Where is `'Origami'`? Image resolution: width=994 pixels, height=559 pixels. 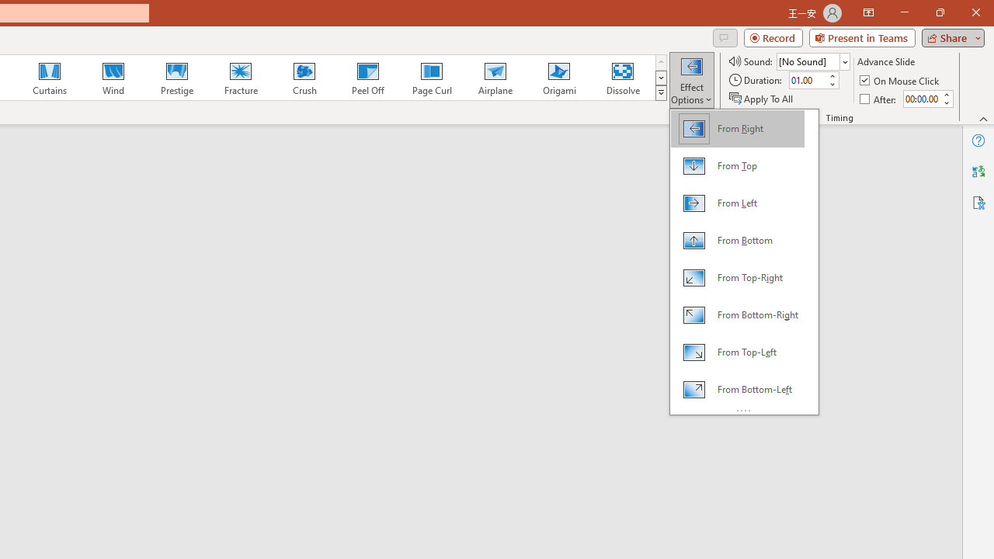 'Origami' is located at coordinates (559, 78).